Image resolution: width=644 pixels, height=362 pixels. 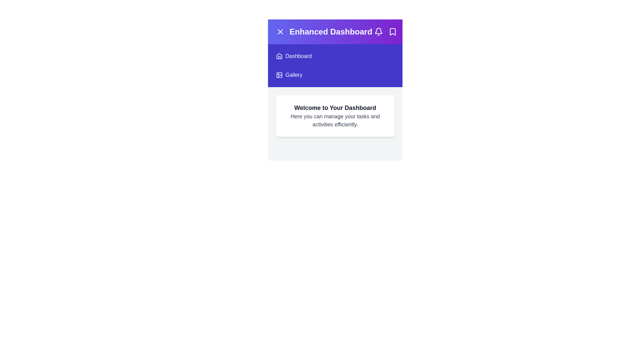 What do you see at coordinates (335, 75) in the screenshot?
I see `the 'Gallery' menu item to navigate to the Gallery section` at bounding box center [335, 75].